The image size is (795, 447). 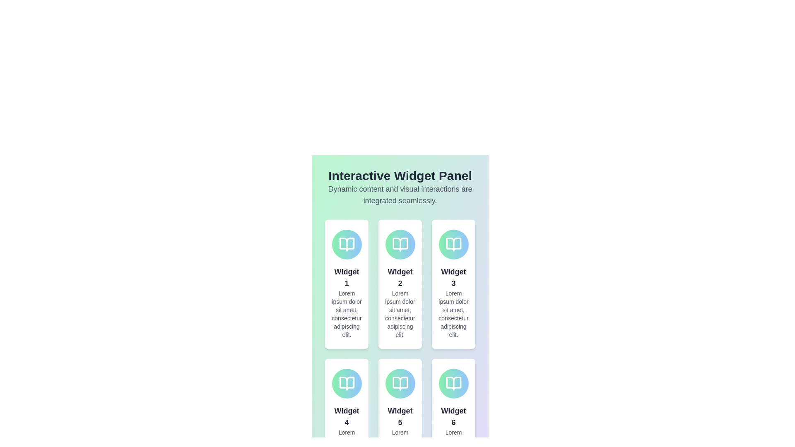 I want to click on the second card in the 3-column layout grid on the first row, so click(x=400, y=284).